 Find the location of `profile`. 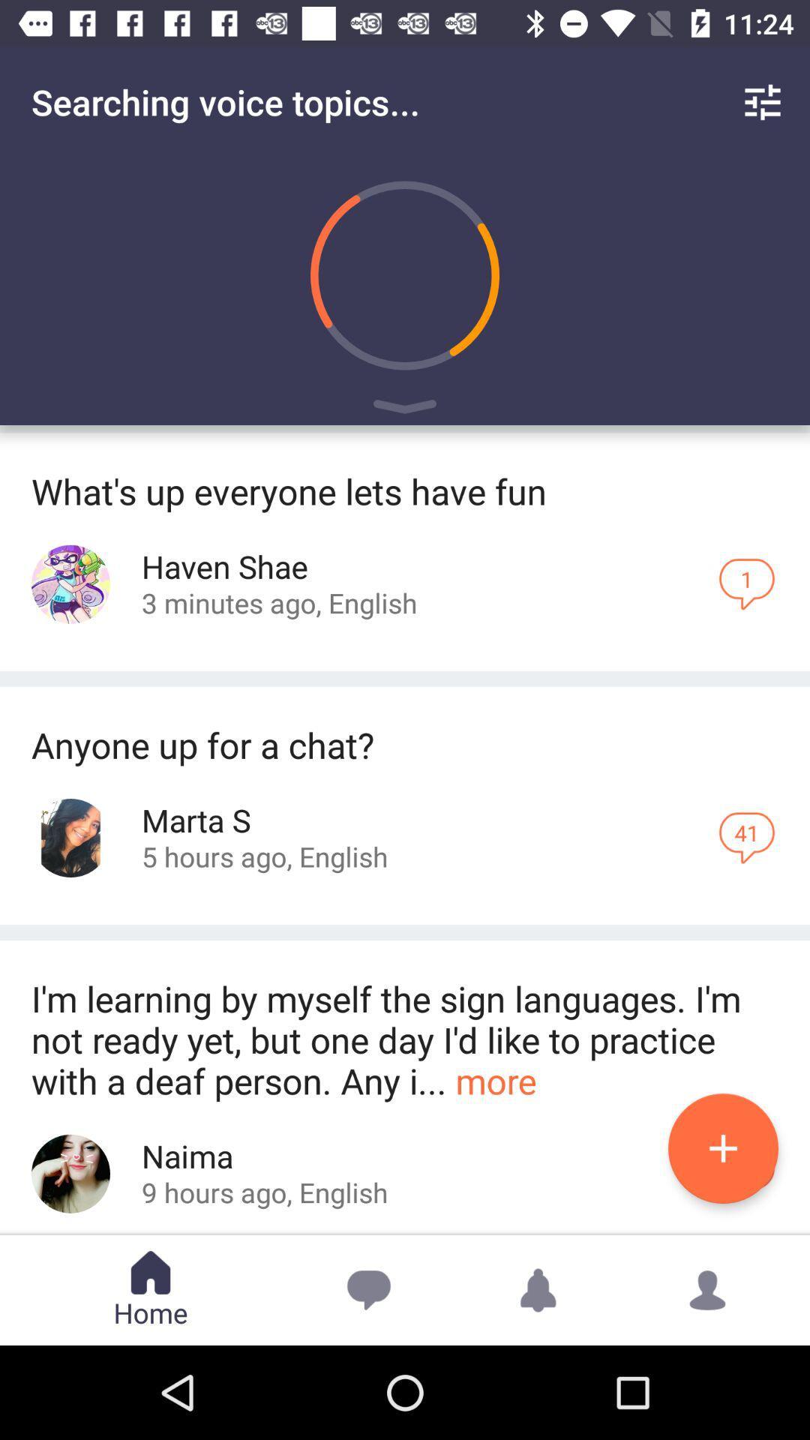

profile is located at coordinates (70, 1173).